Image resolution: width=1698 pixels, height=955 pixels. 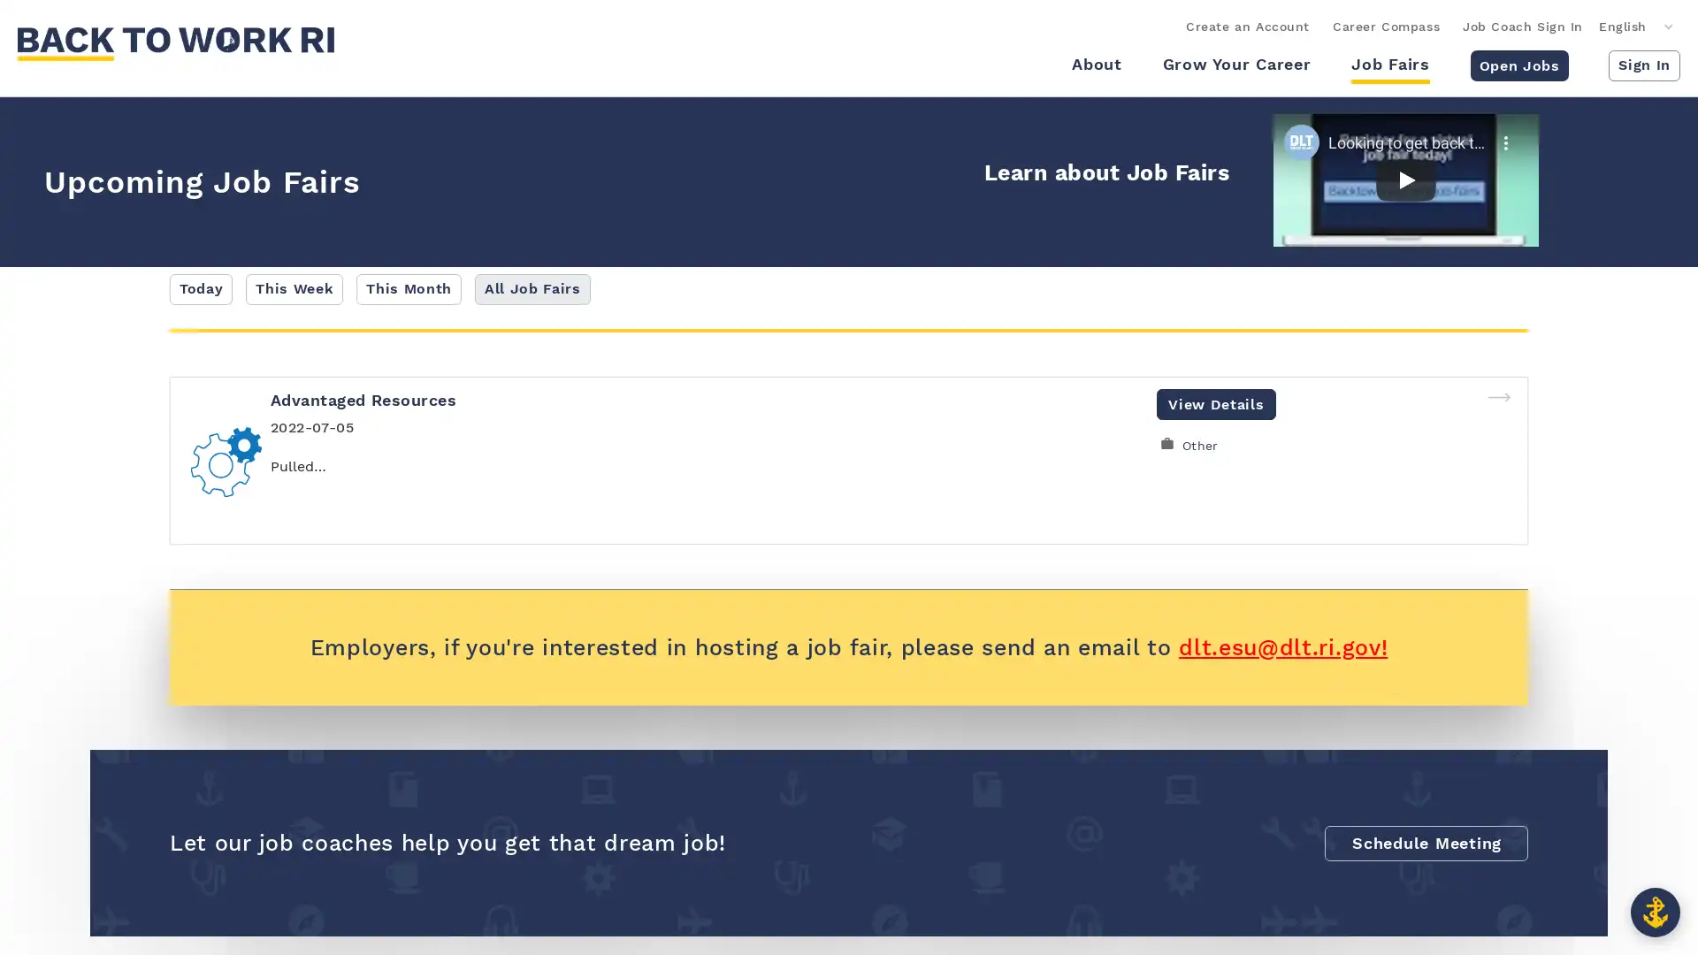 I want to click on View Details, so click(x=1215, y=403).